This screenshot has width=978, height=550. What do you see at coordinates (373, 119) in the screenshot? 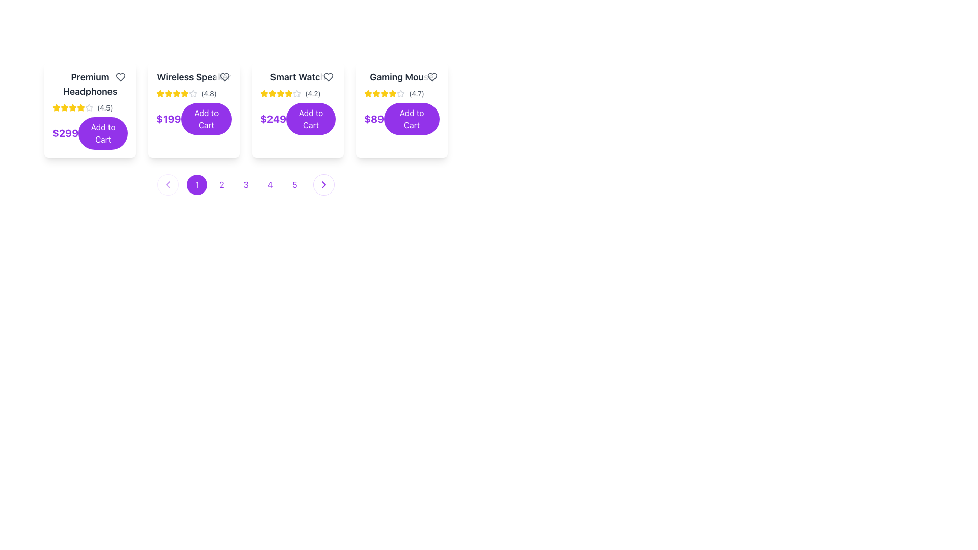
I see `the price label located in the bottom-left corner of the fourth product card, adjacent to the 'Add to Cart' button` at bounding box center [373, 119].